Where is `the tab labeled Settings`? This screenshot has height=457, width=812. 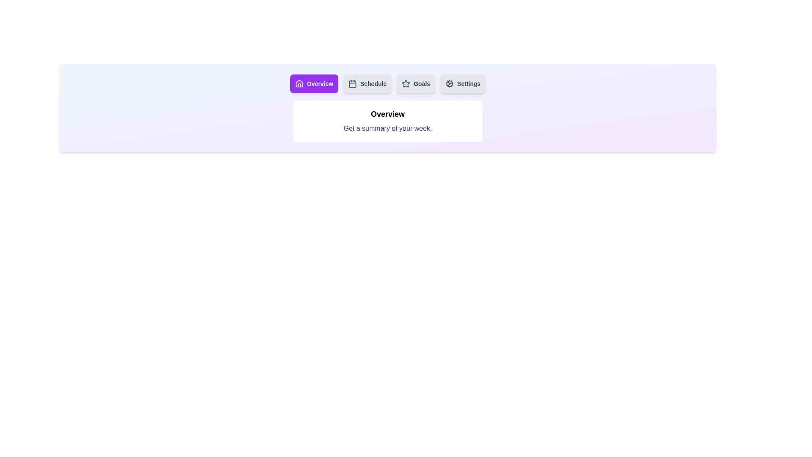 the tab labeled Settings is located at coordinates (462, 83).